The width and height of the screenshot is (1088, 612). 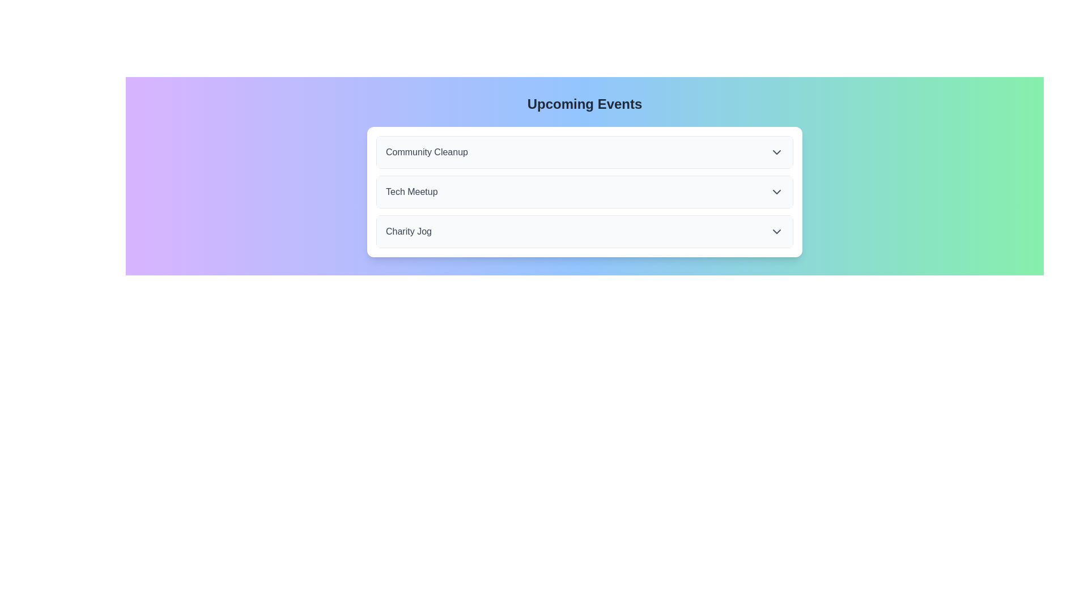 I want to click on the first item in the events list, which expands details about the 'Community Cleanup' event when clicked, so click(x=585, y=152).